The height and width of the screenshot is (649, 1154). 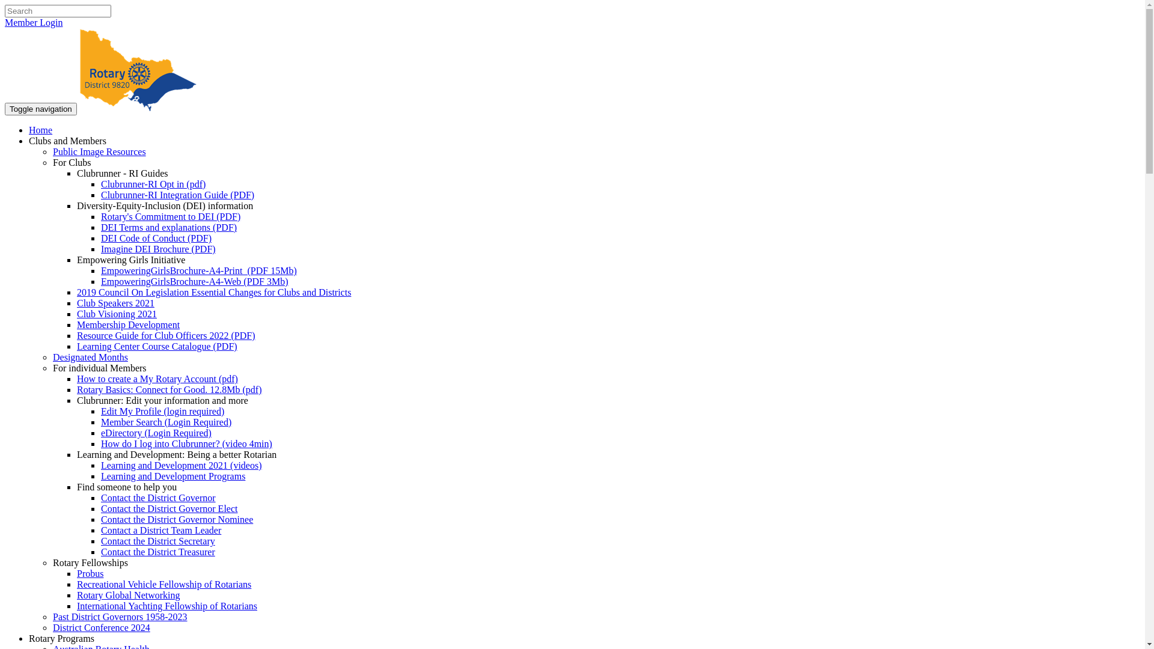 I want to click on 'Home', so click(x=40, y=130).